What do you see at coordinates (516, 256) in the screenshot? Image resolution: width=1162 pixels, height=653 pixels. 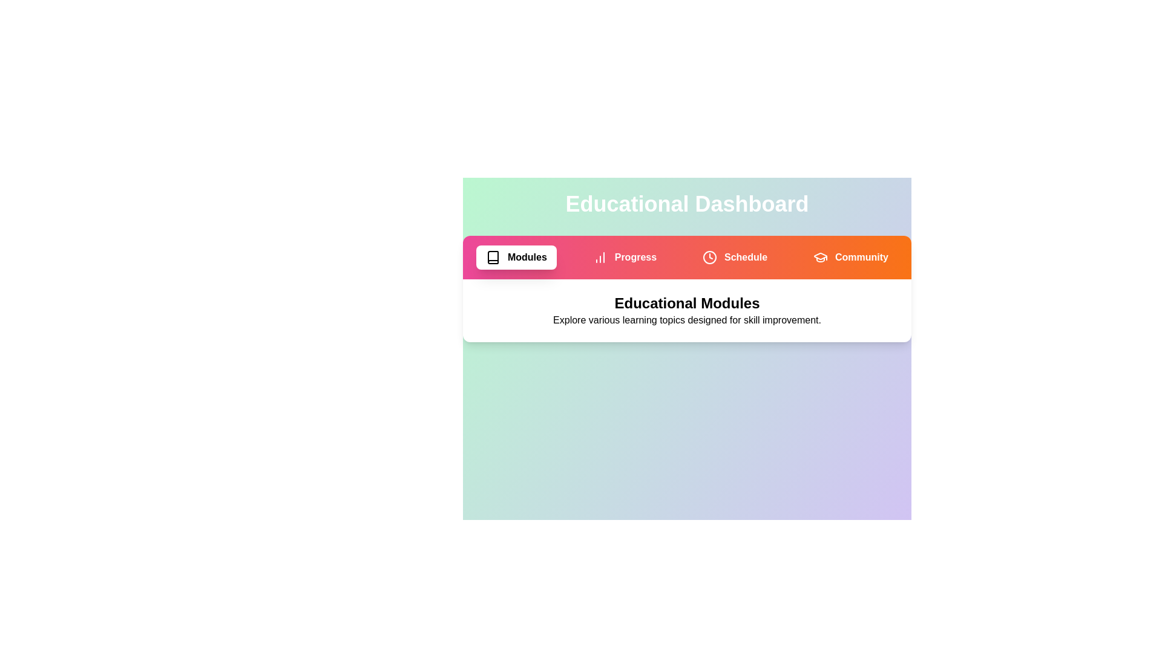 I see `the 'Modules' button, which is a rectangular button with a black book icon and light background color, located at the far left of the navigation bar` at bounding box center [516, 256].